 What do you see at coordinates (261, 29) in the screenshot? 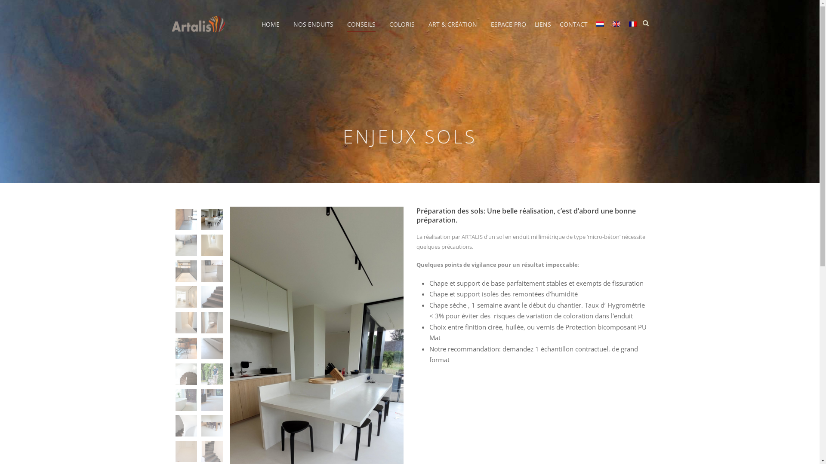
I see `'HOME'` at bounding box center [261, 29].